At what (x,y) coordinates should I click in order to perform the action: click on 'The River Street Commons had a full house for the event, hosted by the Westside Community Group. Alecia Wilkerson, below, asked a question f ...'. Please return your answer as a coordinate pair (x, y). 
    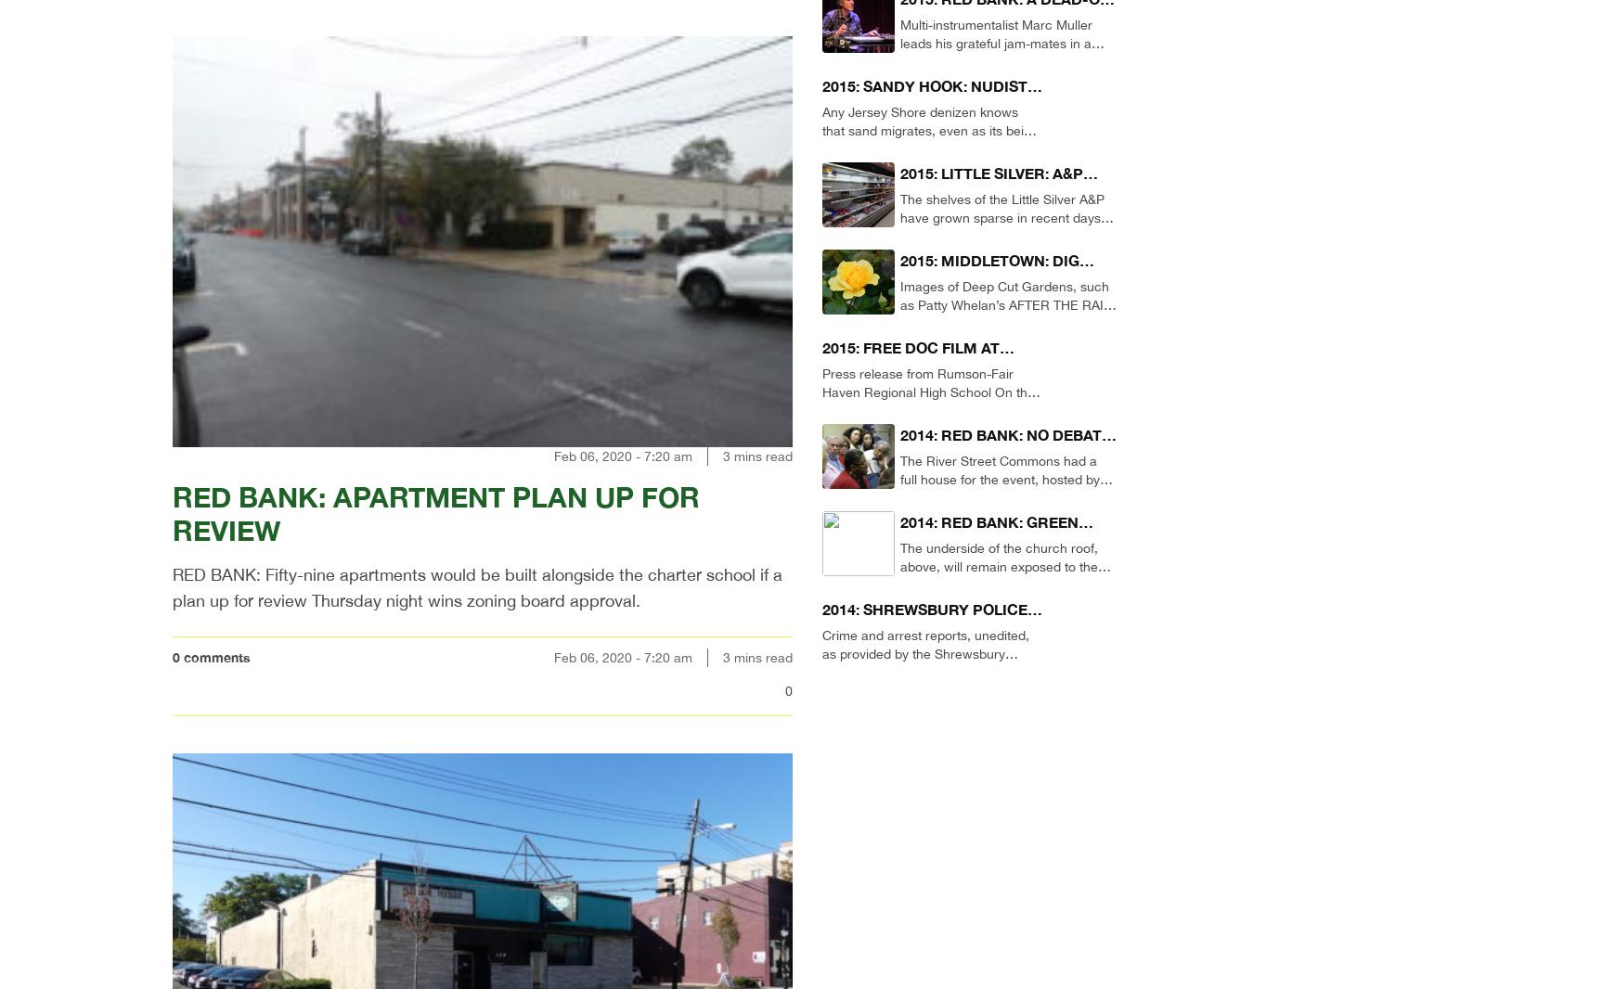
    Looking at the image, I should click on (999, 497).